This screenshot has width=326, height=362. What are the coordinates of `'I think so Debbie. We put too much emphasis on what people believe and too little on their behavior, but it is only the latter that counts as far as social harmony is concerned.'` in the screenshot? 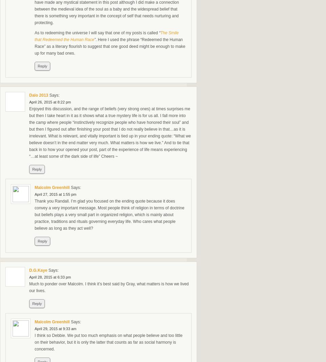 It's located at (108, 342).